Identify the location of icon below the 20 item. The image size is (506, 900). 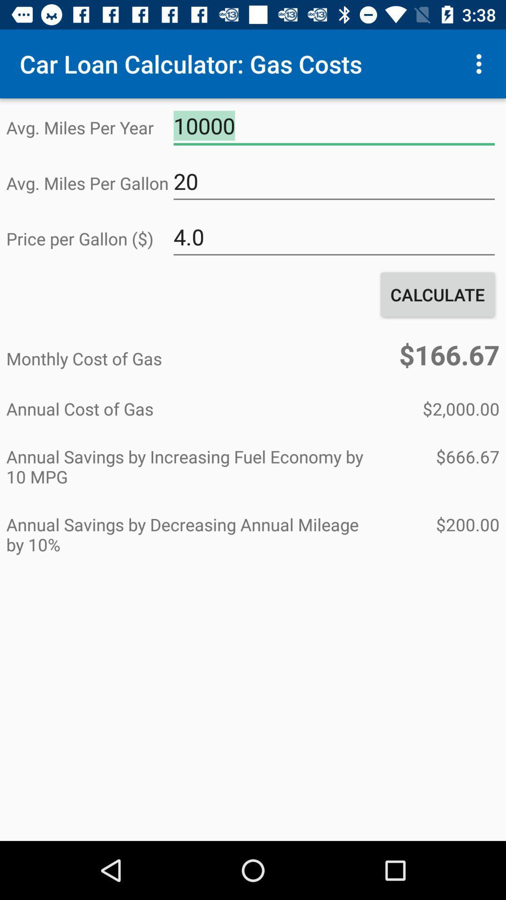
(334, 237).